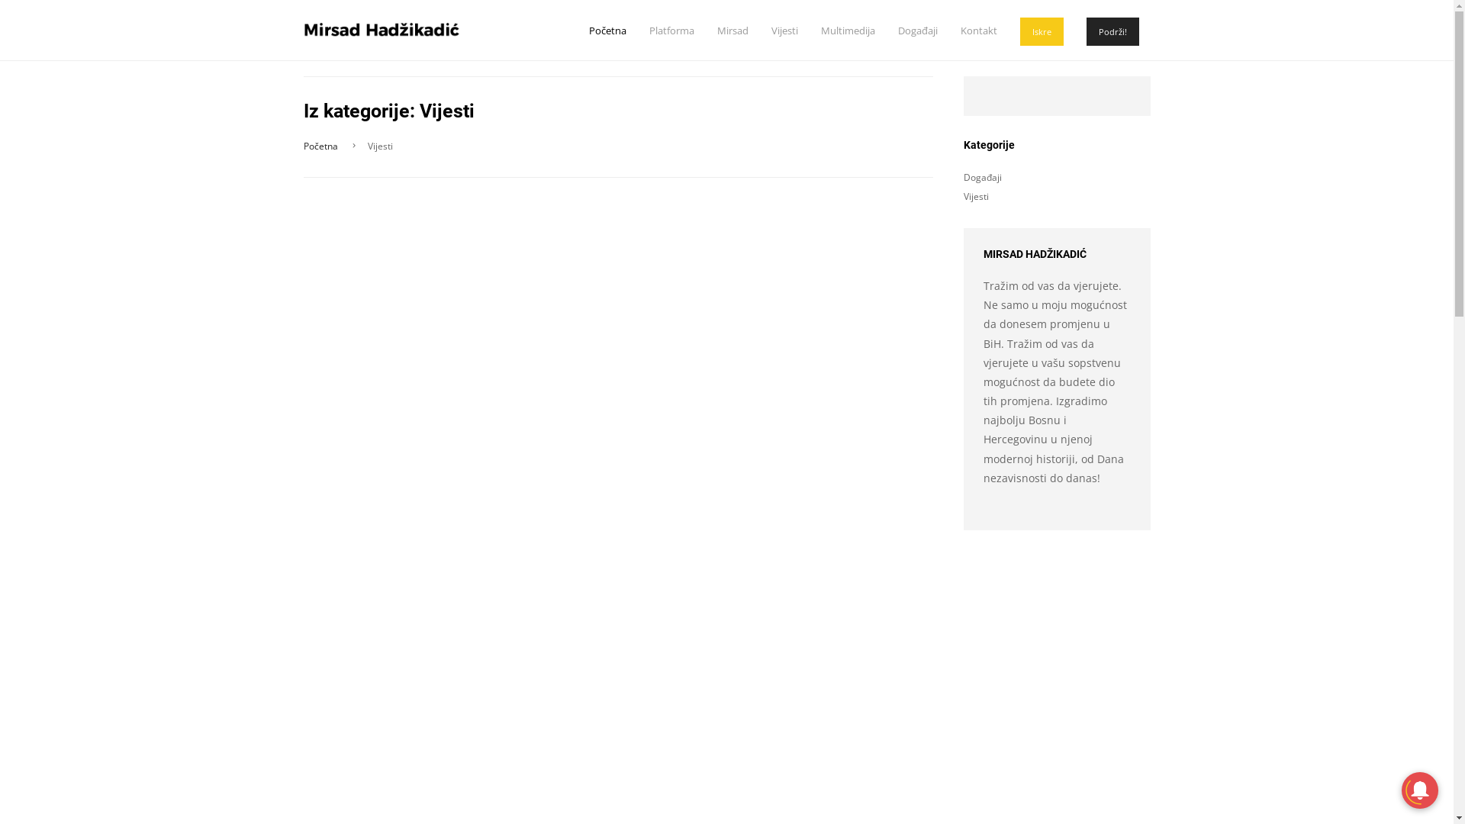 This screenshot has width=1465, height=824. What do you see at coordinates (977, 30) in the screenshot?
I see `'Kontakt'` at bounding box center [977, 30].